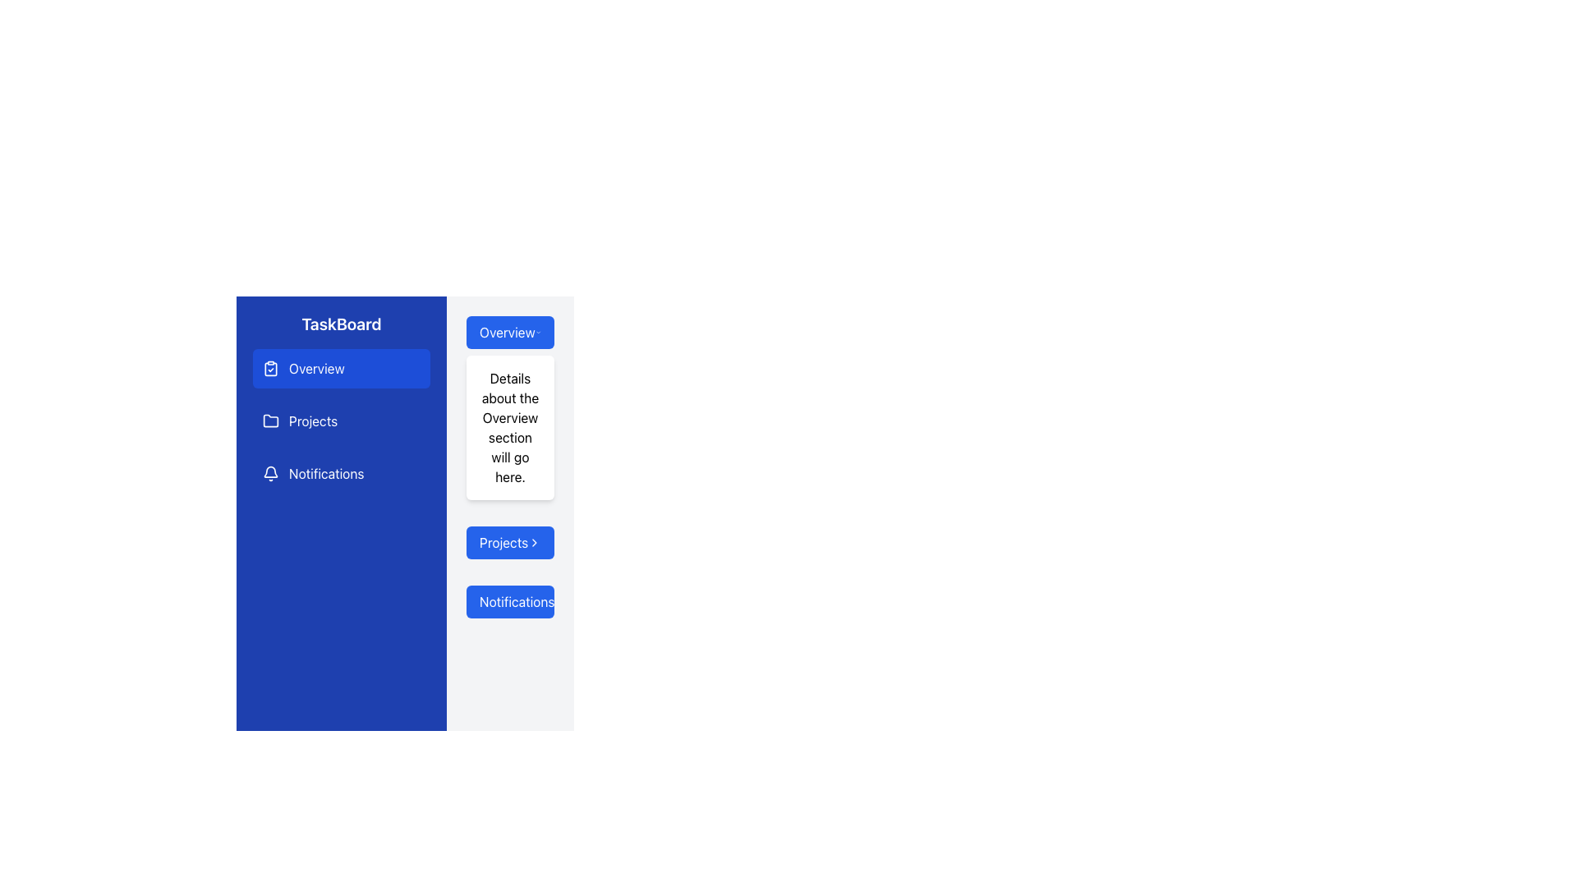  Describe the element at coordinates (506, 333) in the screenshot. I see `text labeled 'Overview' which is styled in white font on a blue background, located in the secondary column of the interface` at that location.